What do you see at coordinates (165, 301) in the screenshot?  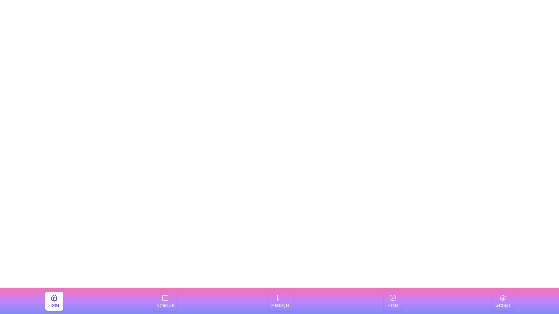 I see `the Schedule tab to observe the animation` at bounding box center [165, 301].